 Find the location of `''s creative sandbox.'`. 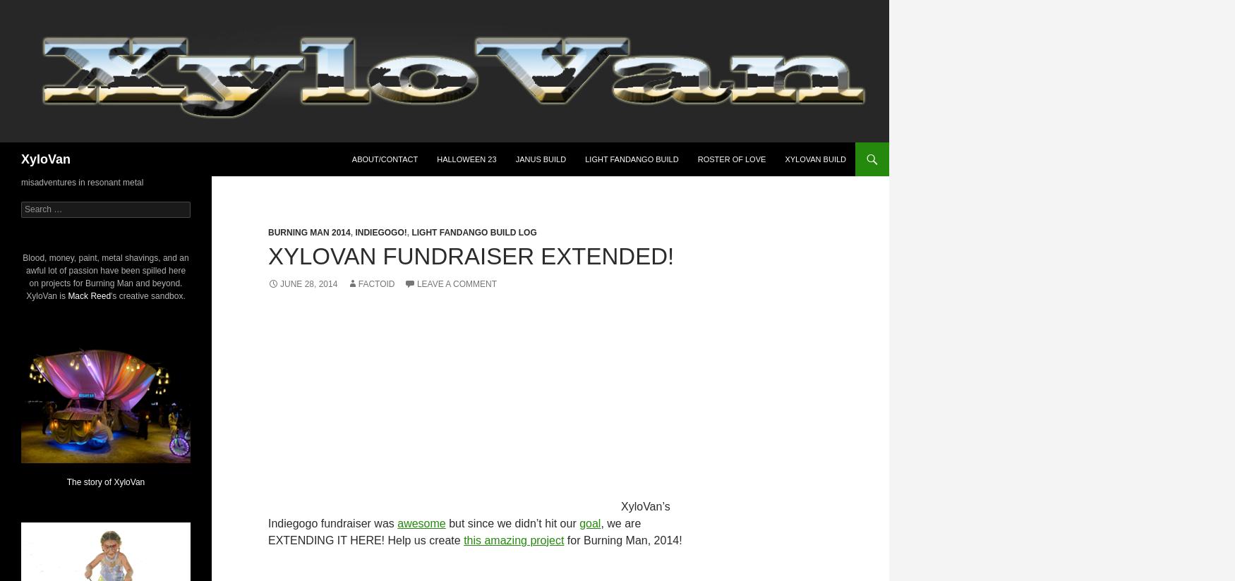

''s creative sandbox.' is located at coordinates (109, 295).